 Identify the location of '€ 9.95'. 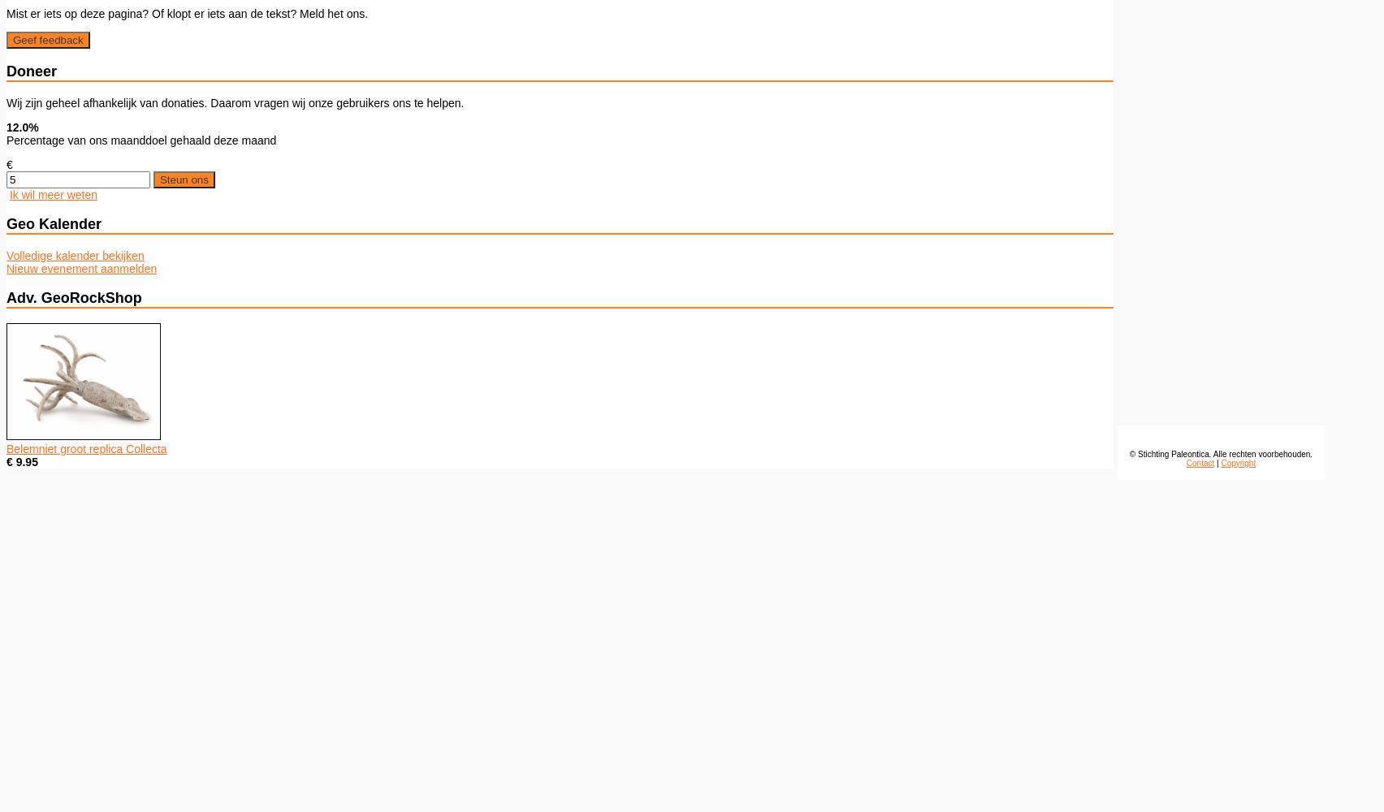
(21, 460).